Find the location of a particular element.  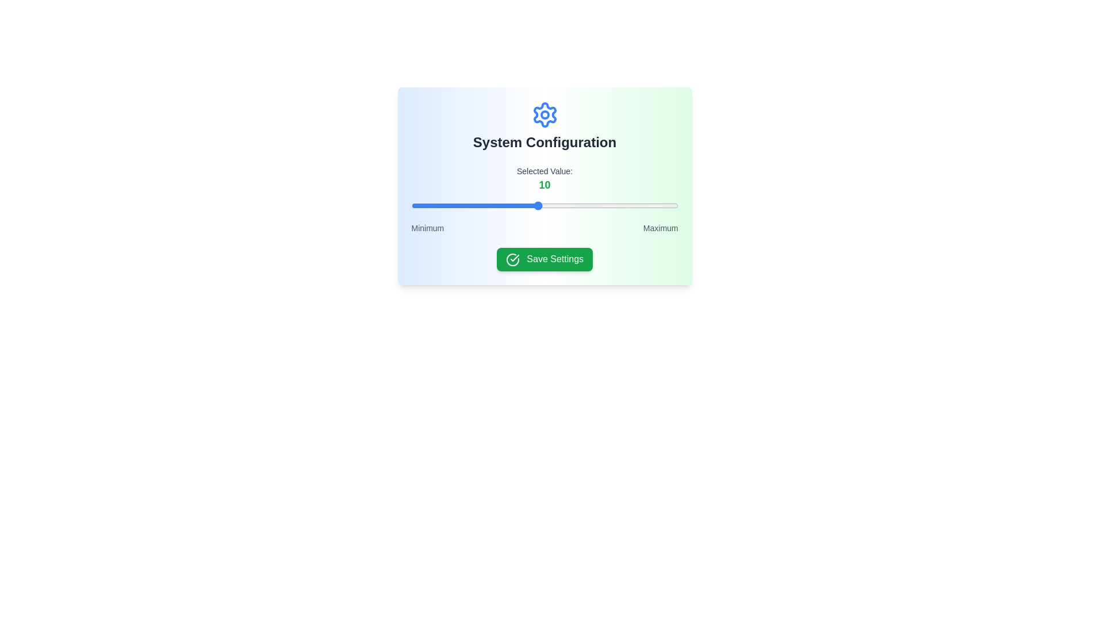

'Save Settings' button is located at coordinates (544, 259).